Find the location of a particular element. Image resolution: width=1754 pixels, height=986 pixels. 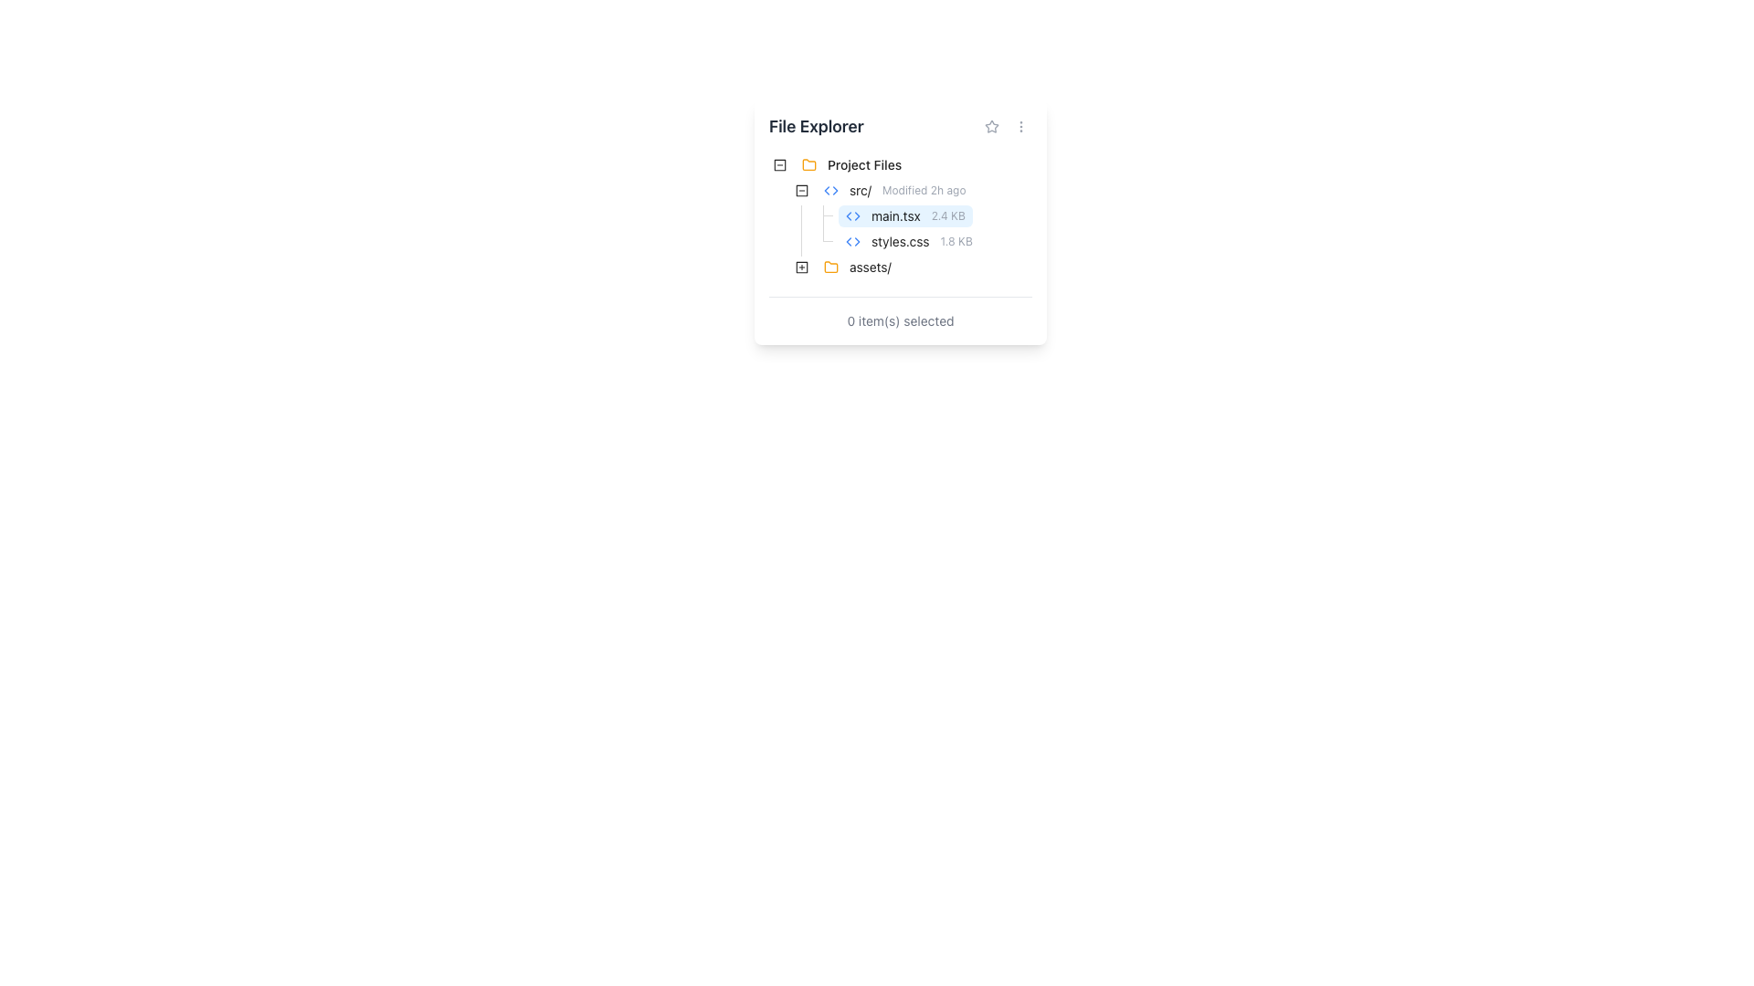

the first indentation spacer element within the 'src/' folder's hierarchy in the file explorer is located at coordinates (780, 241).